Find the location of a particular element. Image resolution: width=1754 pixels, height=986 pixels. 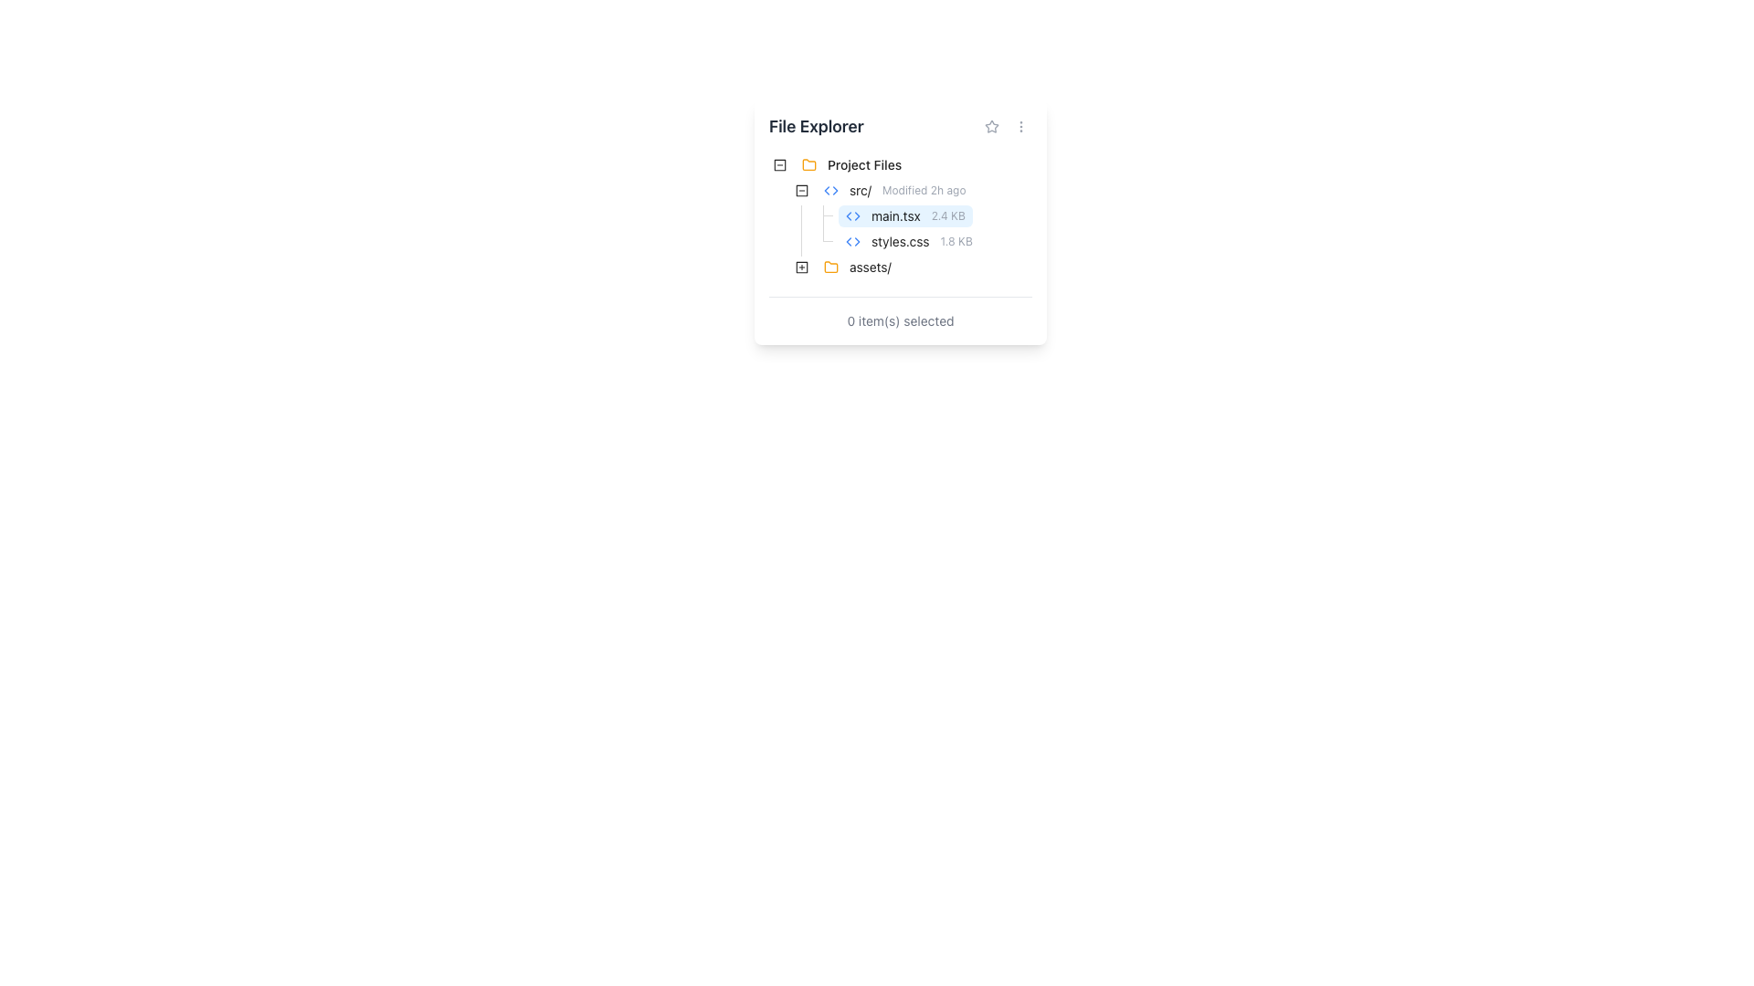

the first indentation spacer element within the 'src/' folder's hierarchy in the file explorer is located at coordinates (780, 241).